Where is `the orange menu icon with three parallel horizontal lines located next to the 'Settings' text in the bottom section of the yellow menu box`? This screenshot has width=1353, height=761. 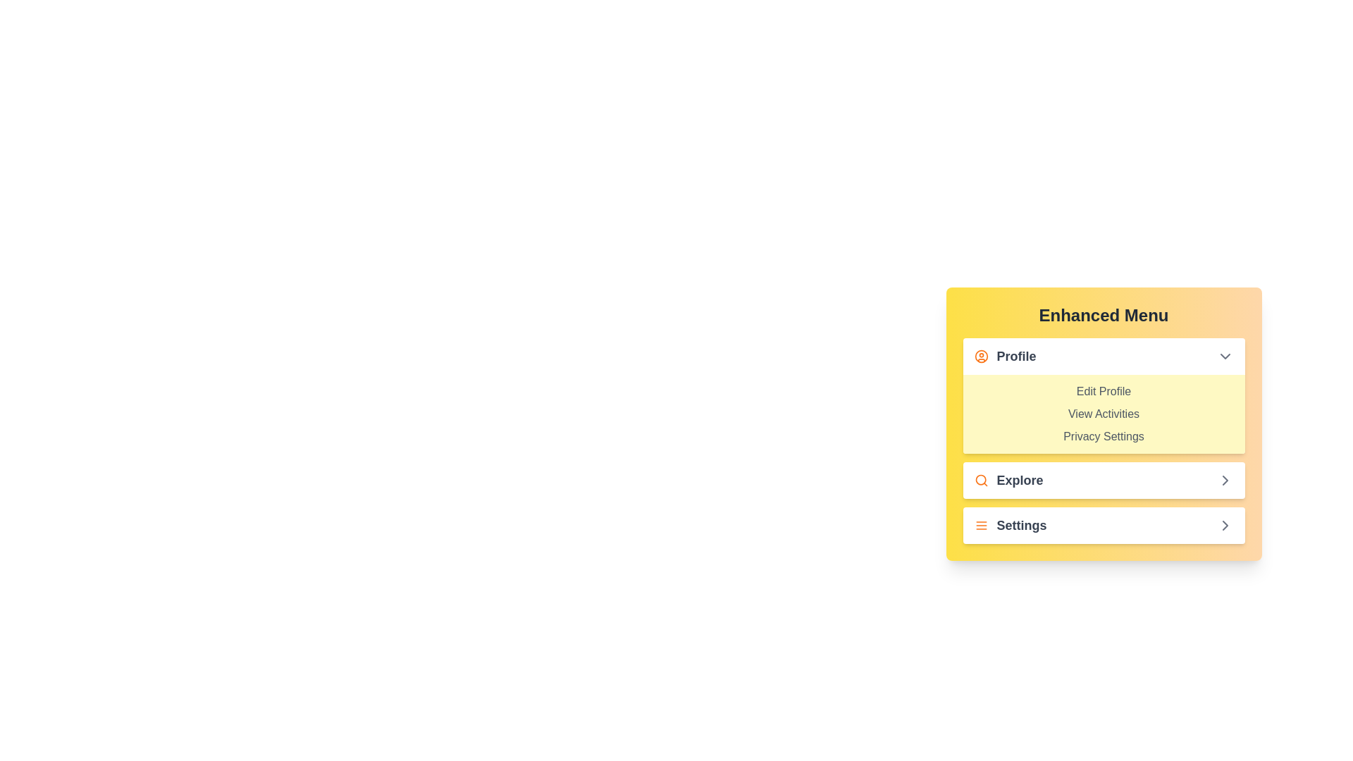 the orange menu icon with three parallel horizontal lines located next to the 'Settings' text in the bottom section of the yellow menu box is located at coordinates (980, 525).